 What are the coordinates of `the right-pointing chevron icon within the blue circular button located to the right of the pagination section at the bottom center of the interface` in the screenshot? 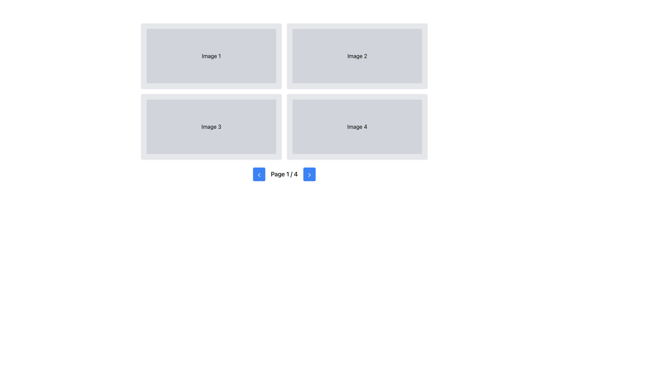 It's located at (309, 174).